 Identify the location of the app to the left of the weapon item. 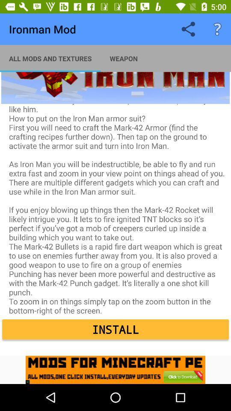
(50, 58).